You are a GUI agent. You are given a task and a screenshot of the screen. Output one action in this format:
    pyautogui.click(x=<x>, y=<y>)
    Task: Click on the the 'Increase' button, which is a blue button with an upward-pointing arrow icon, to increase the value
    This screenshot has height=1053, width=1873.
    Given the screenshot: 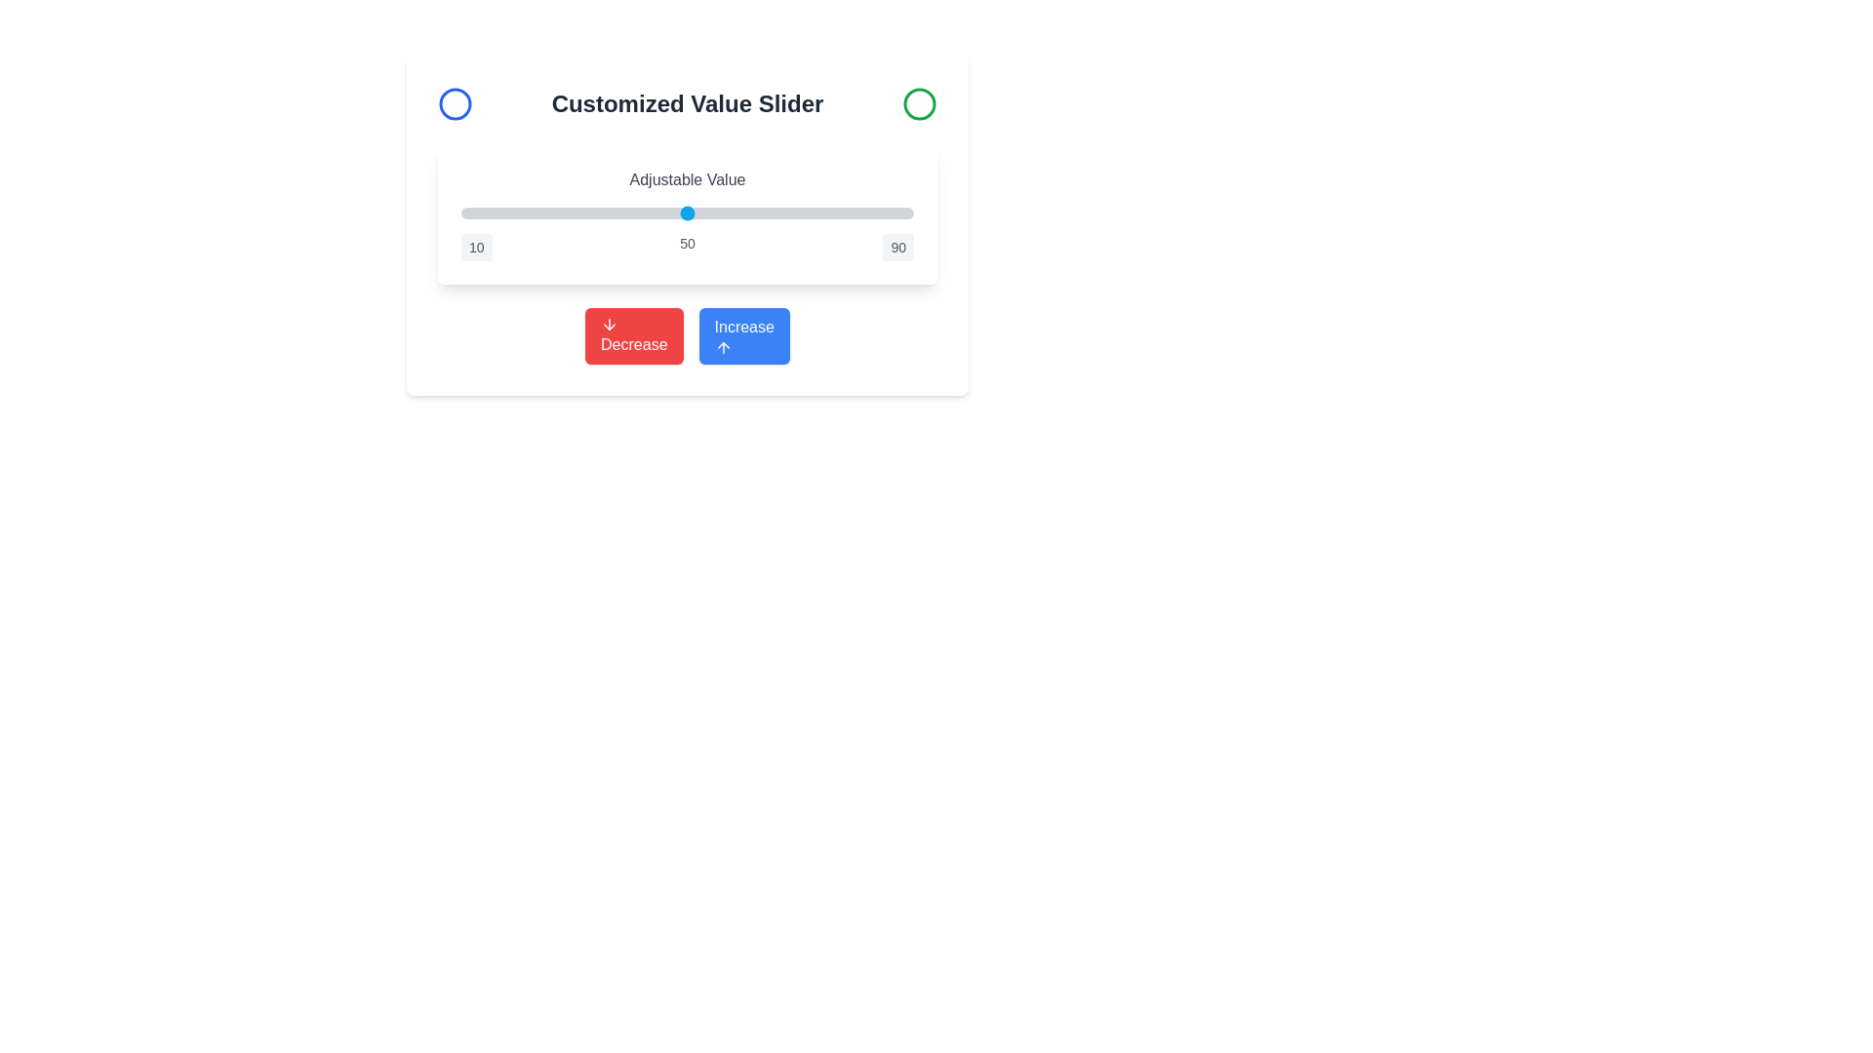 What is the action you would take?
    pyautogui.click(x=688, y=334)
    